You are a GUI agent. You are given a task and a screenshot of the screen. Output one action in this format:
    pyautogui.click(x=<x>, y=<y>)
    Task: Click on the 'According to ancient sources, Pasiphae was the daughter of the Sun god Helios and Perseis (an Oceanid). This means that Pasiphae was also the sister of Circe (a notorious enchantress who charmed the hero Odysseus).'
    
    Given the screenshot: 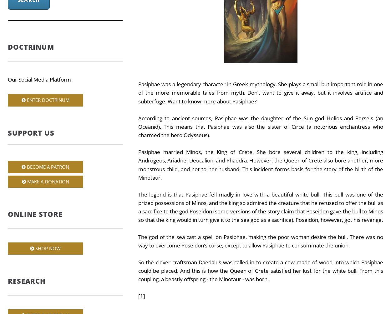 What is the action you would take?
    pyautogui.click(x=260, y=127)
    